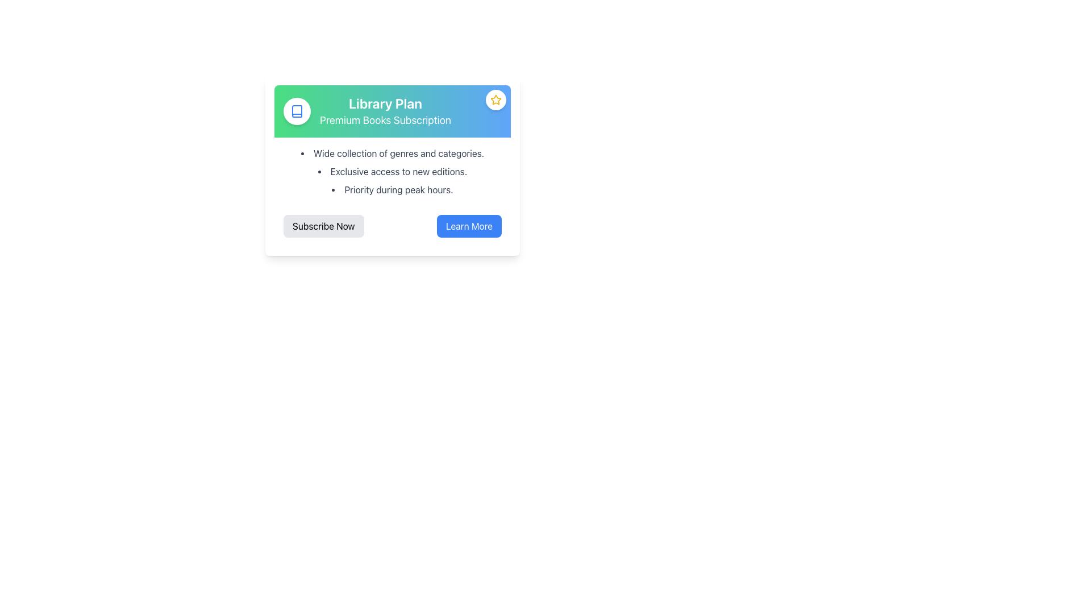 This screenshot has width=1091, height=614. What do you see at coordinates (393, 171) in the screenshot?
I see `the Text List element that displays services in bullet points, located in the center of a white card below the 'Library Plan' and 'Premium Books Subscription' titles` at bounding box center [393, 171].